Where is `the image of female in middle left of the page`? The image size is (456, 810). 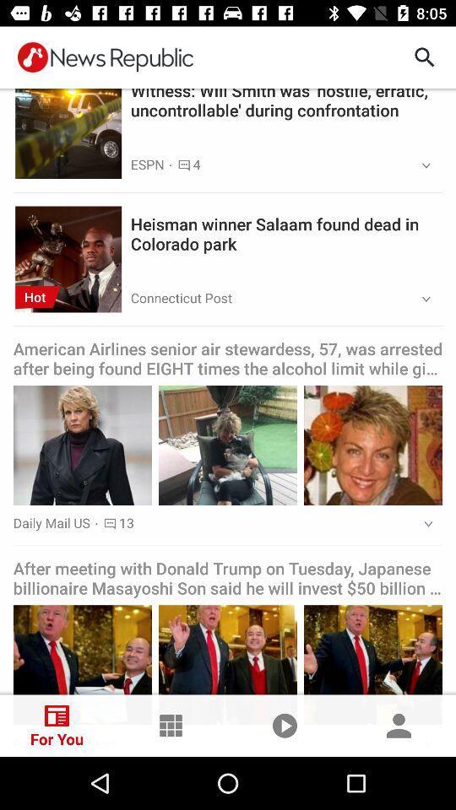 the image of female in middle left of the page is located at coordinates (82, 445).